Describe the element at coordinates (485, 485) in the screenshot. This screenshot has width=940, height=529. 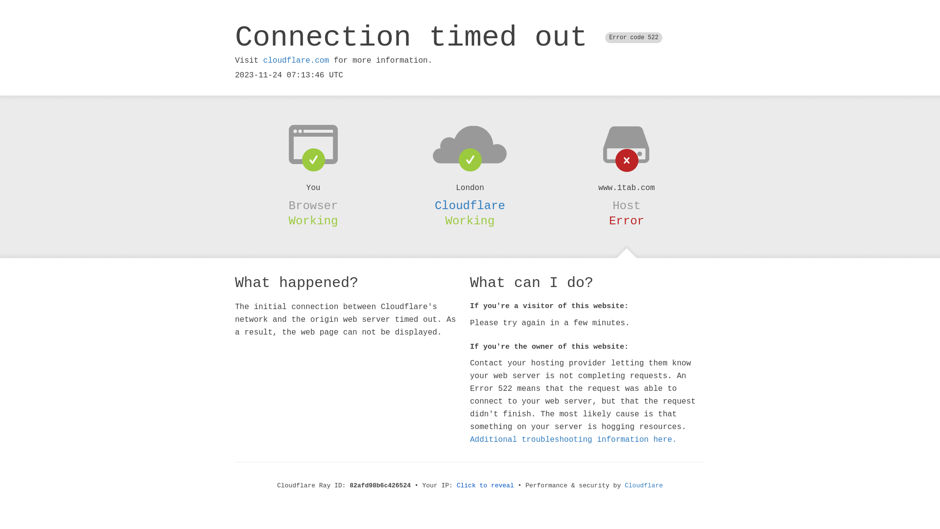
I see `'Click to reveal'` at that location.